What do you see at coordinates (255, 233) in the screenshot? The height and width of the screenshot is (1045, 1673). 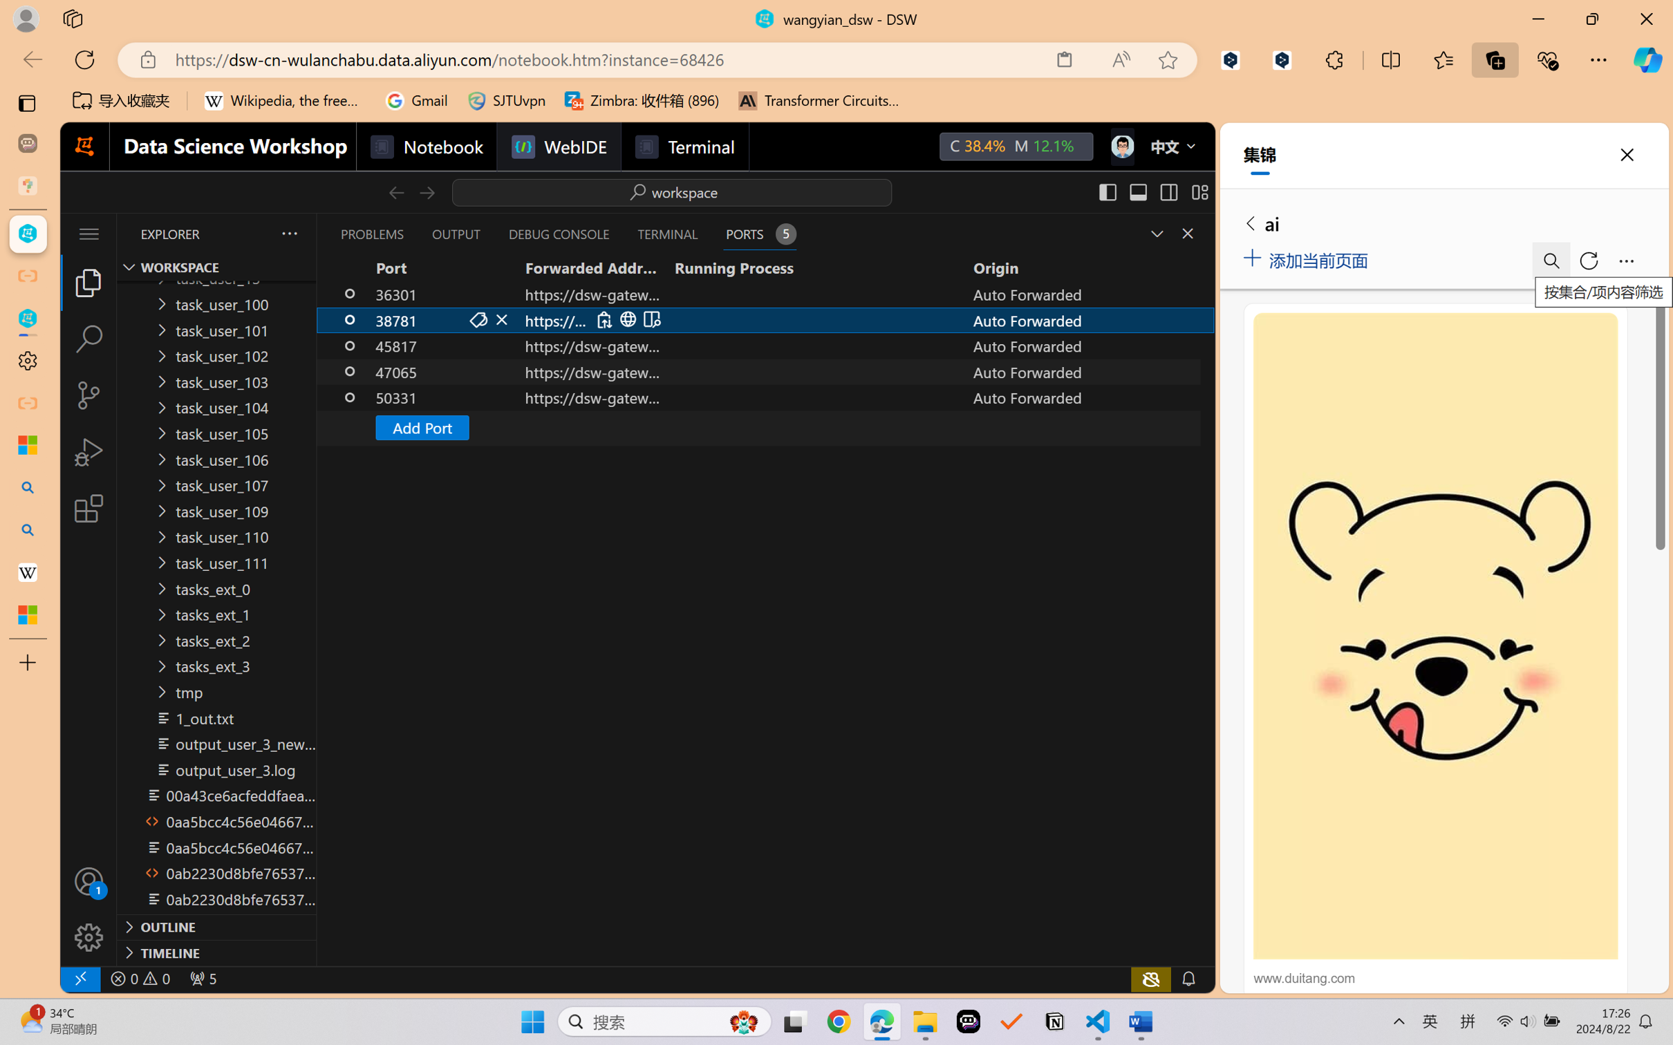 I see `'Explorer actions'` at bounding box center [255, 233].